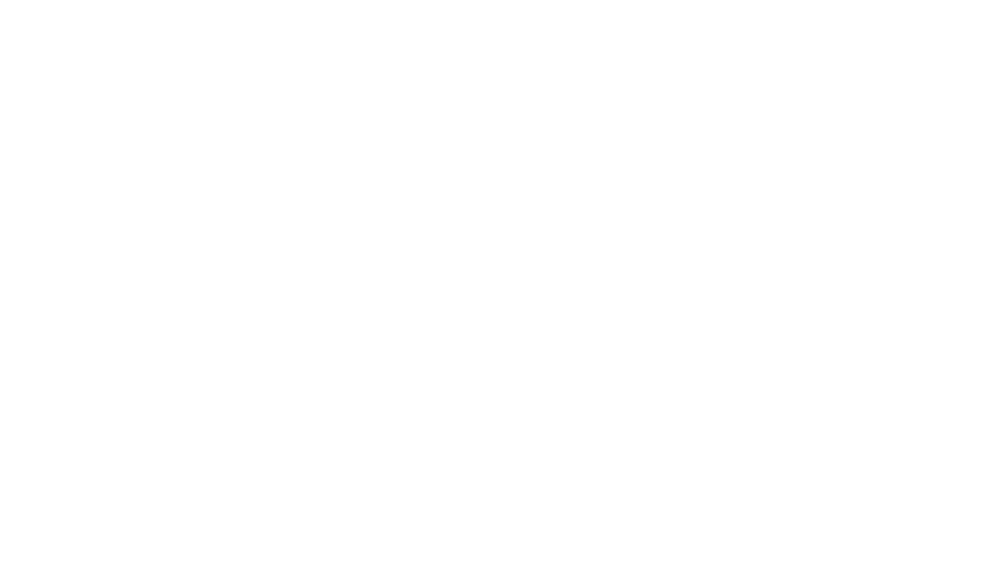  I want to click on 'Clubsonar', so click(640, 148).